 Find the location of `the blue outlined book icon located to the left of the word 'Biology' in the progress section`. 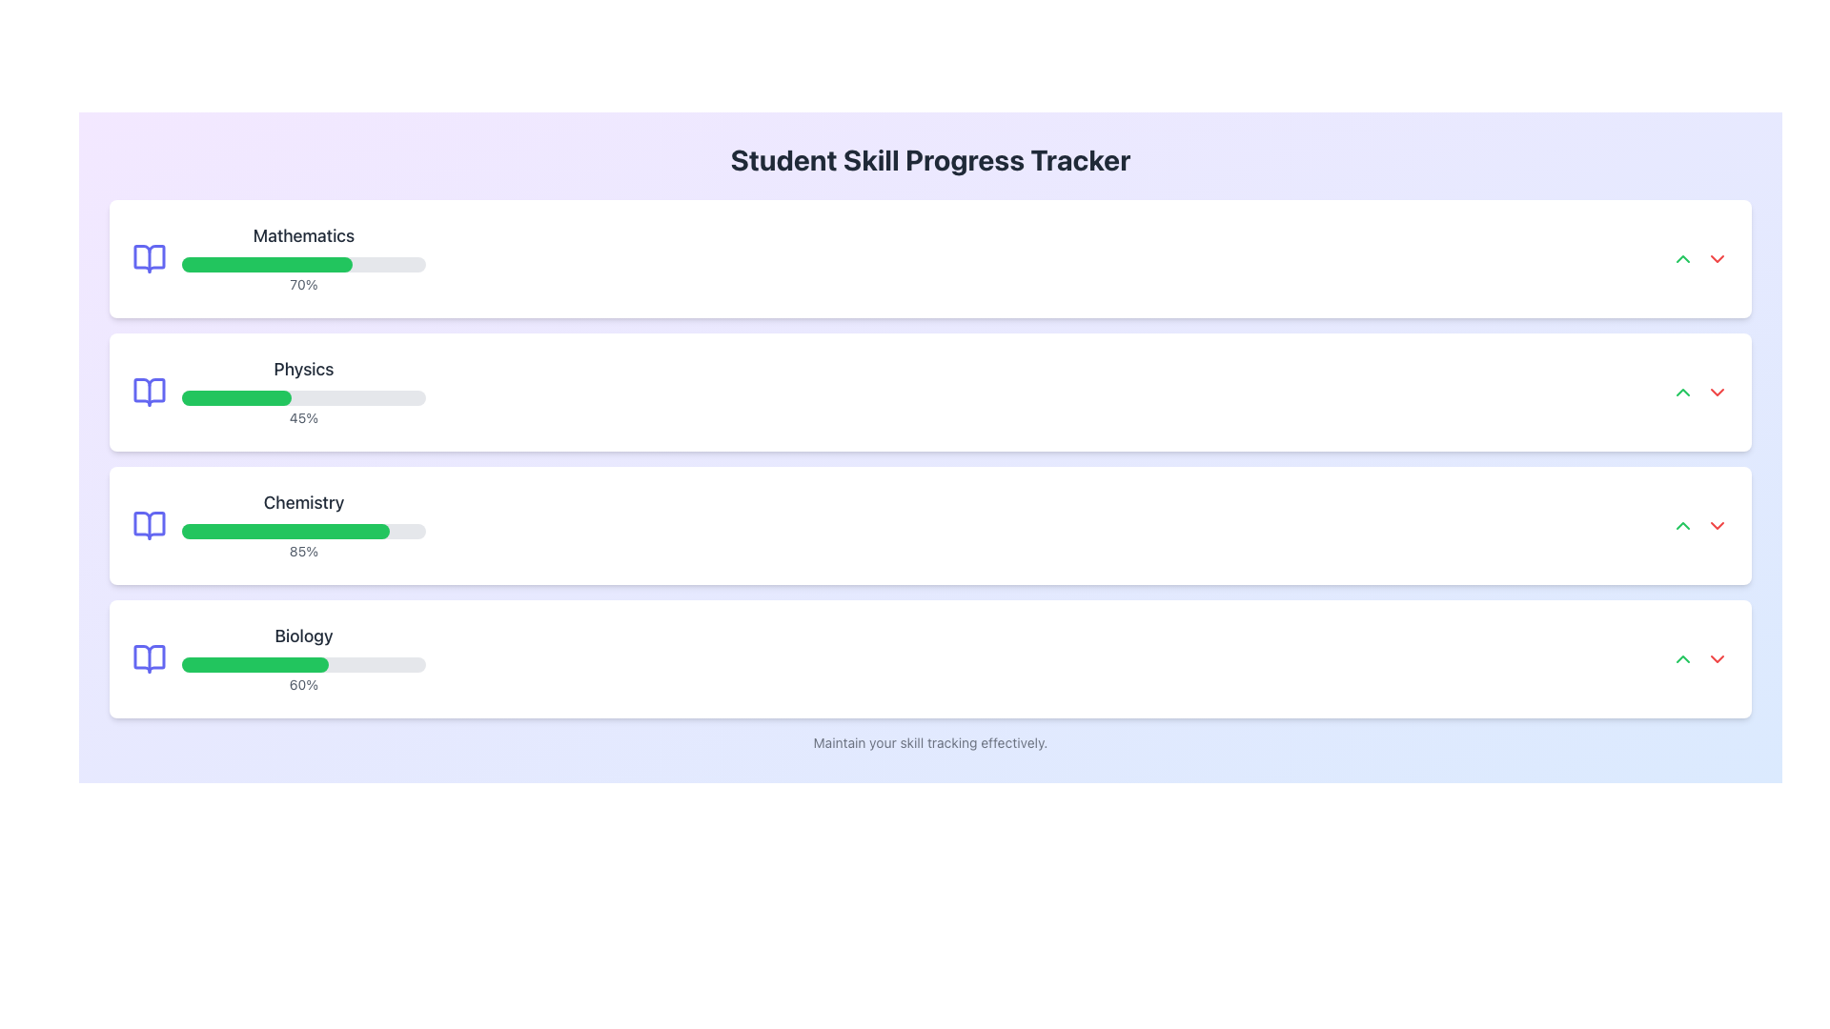

the blue outlined book icon located to the left of the word 'Biology' in the progress section is located at coordinates (149, 657).